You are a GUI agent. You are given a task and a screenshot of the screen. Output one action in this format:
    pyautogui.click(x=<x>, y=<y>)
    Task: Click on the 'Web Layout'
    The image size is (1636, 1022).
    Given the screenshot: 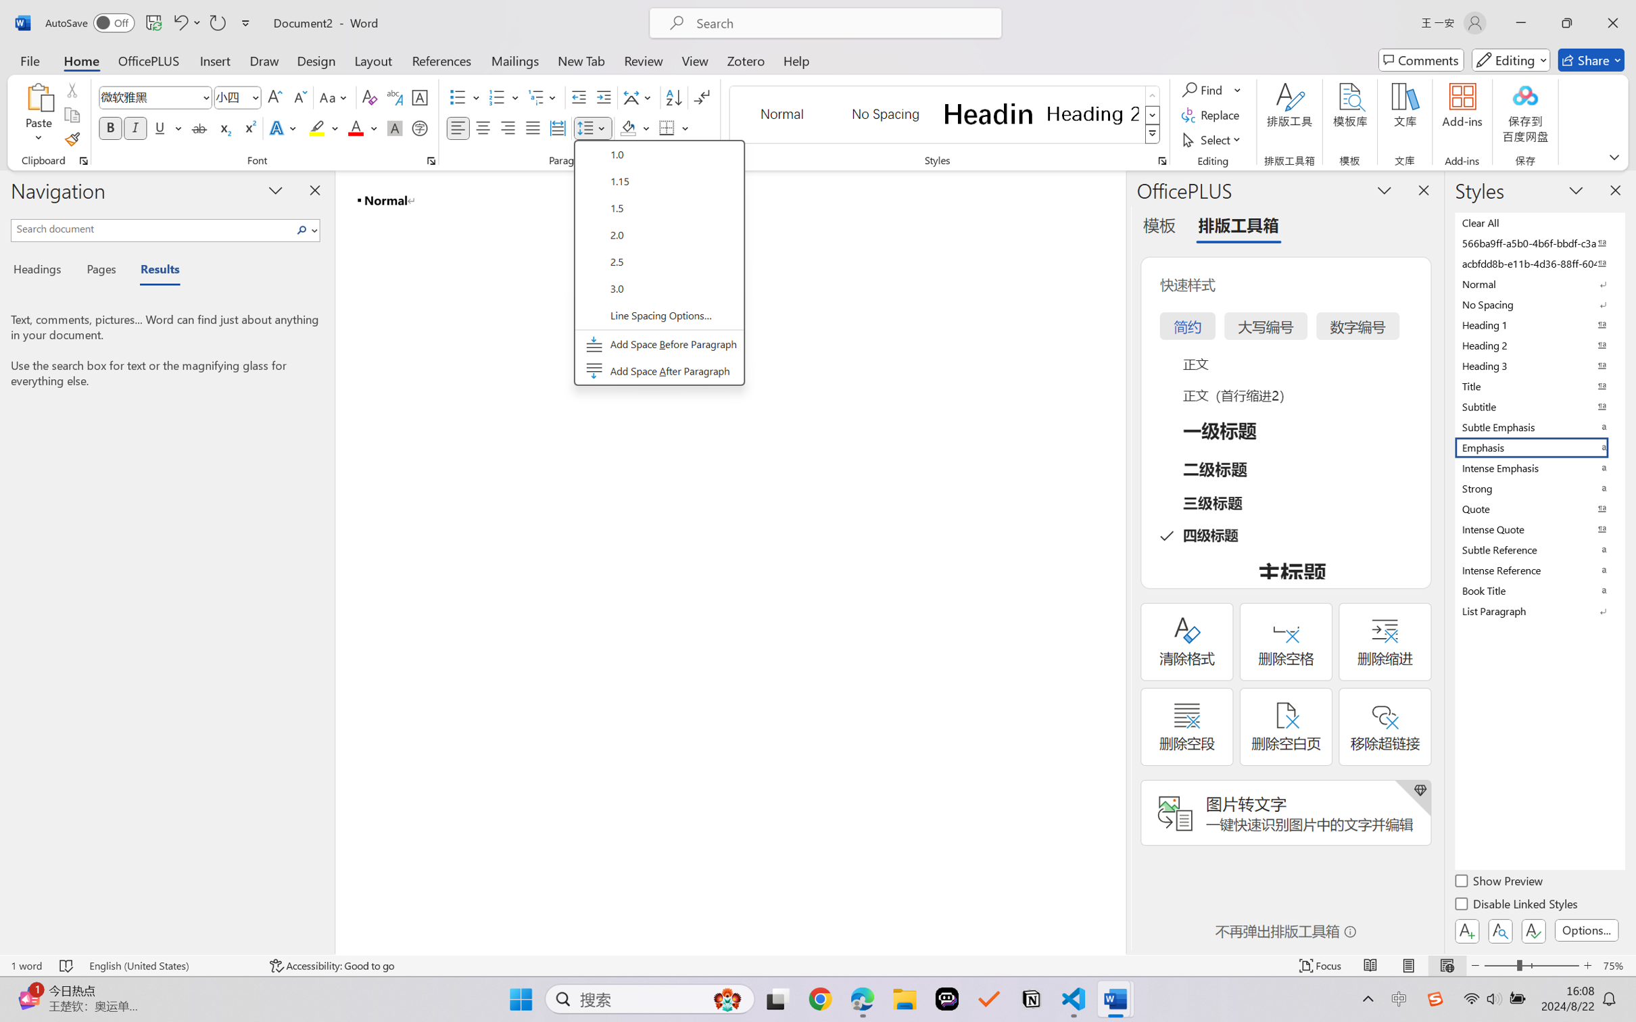 What is the action you would take?
    pyautogui.click(x=1446, y=965)
    